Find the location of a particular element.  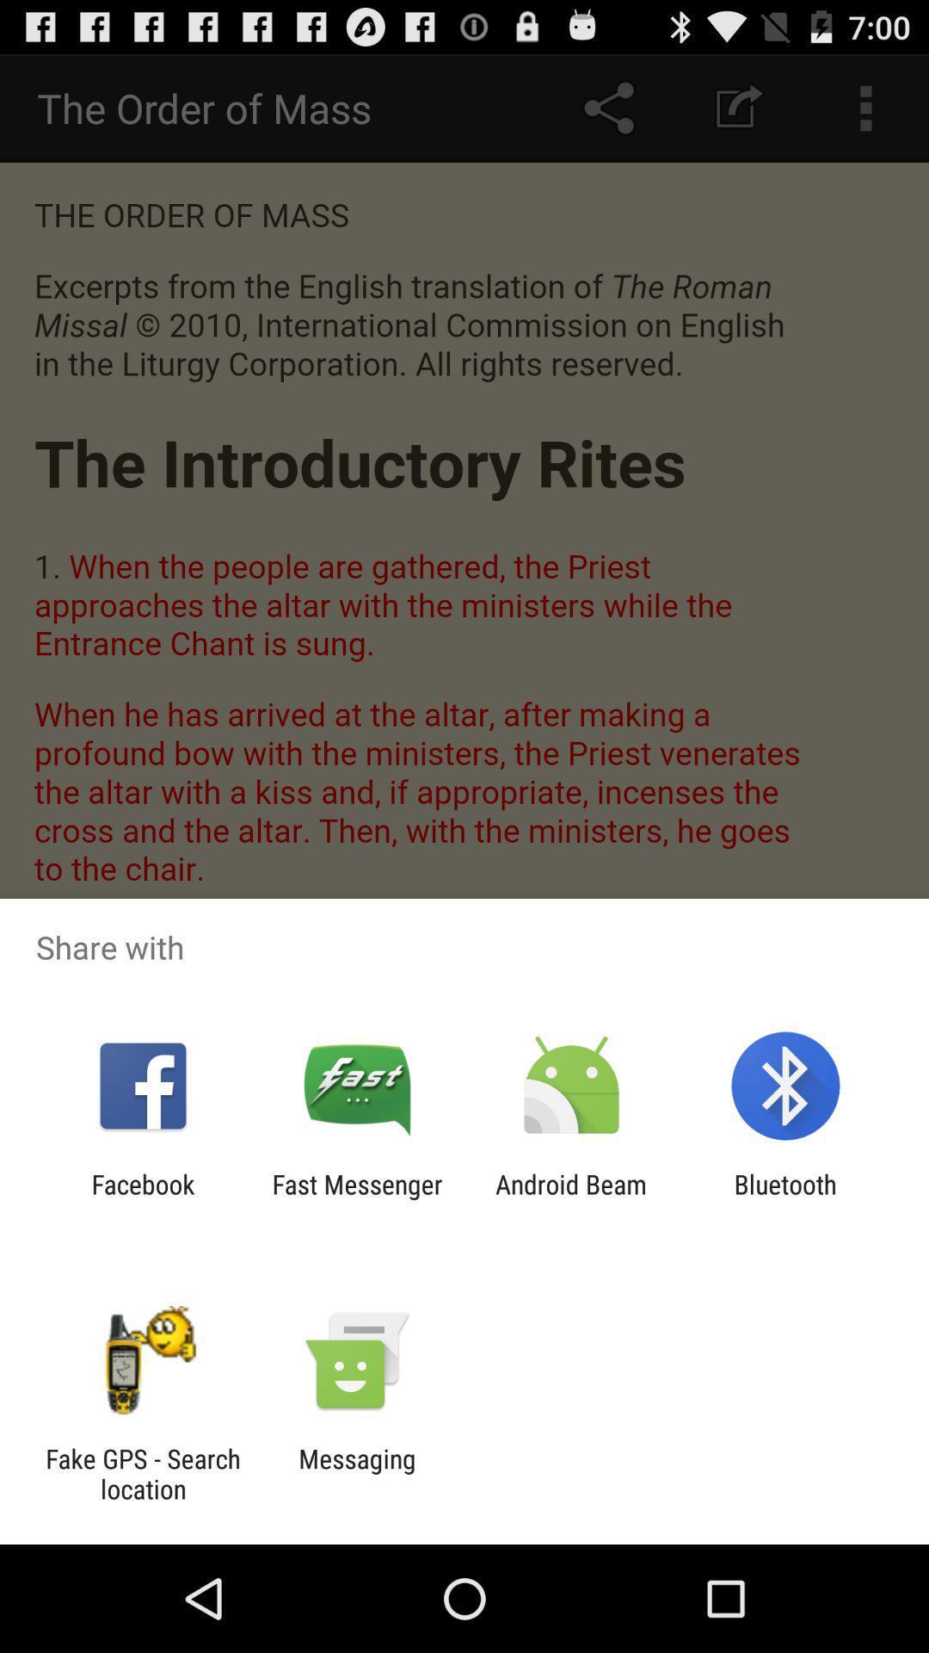

the bluetooth icon is located at coordinates (785, 1198).